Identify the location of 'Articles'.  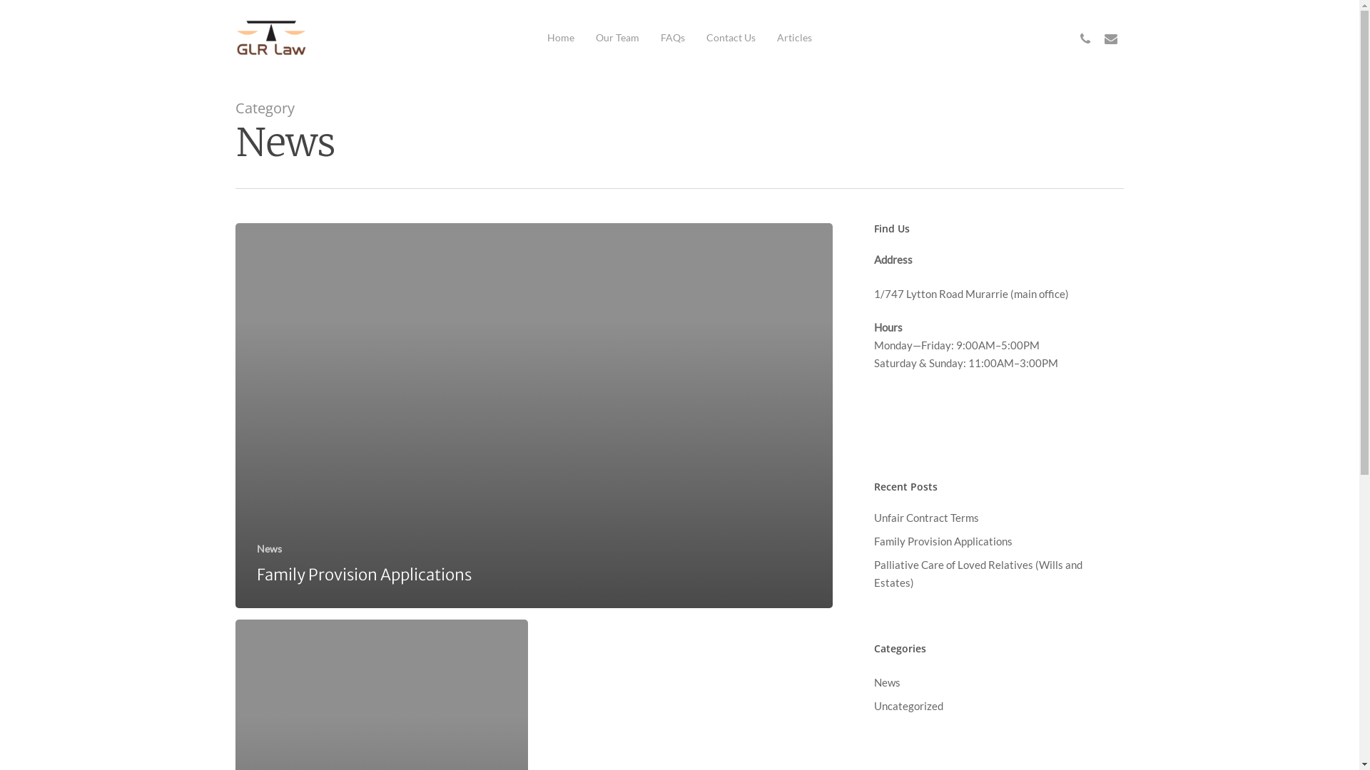
(793, 37).